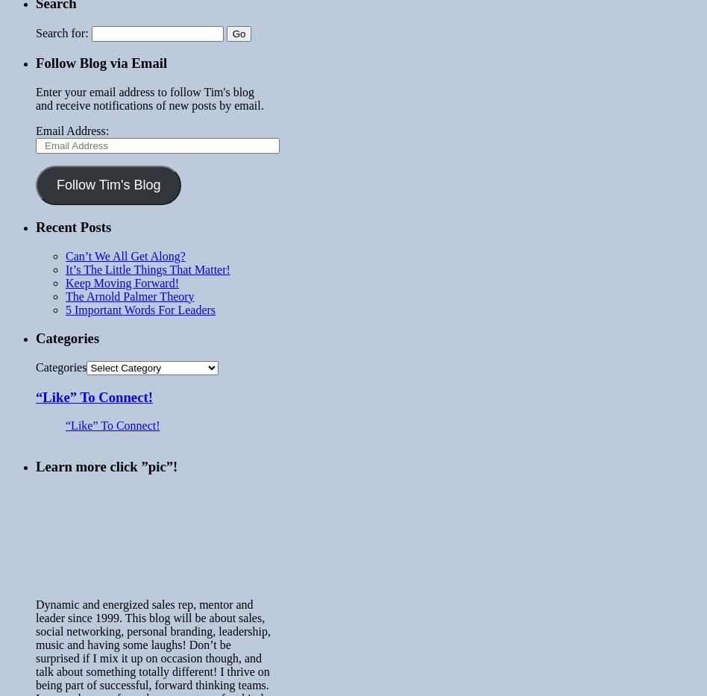 This screenshot has height=696, width=707. Describe the element at coordinates (107, 184) in the screenshot. I see `'Follow Tim's Blog'` at that location.